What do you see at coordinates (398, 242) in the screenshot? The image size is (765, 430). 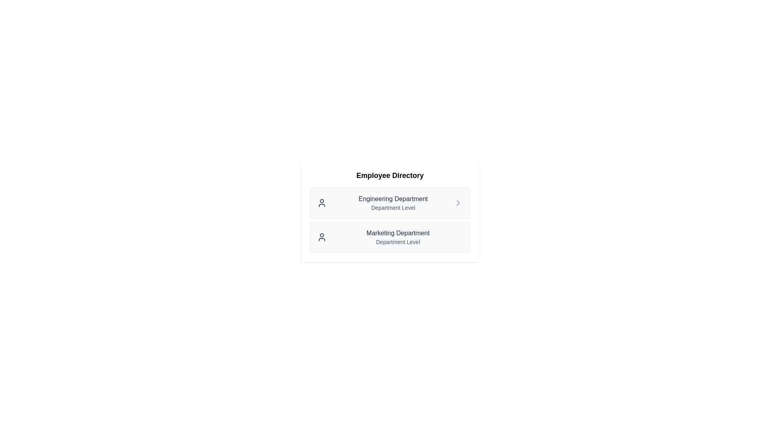 I see `the 'Department Level' label, which displays the text in gray color and is positioned below the 'Marketing Department' label` at bounding box center [398, 242].